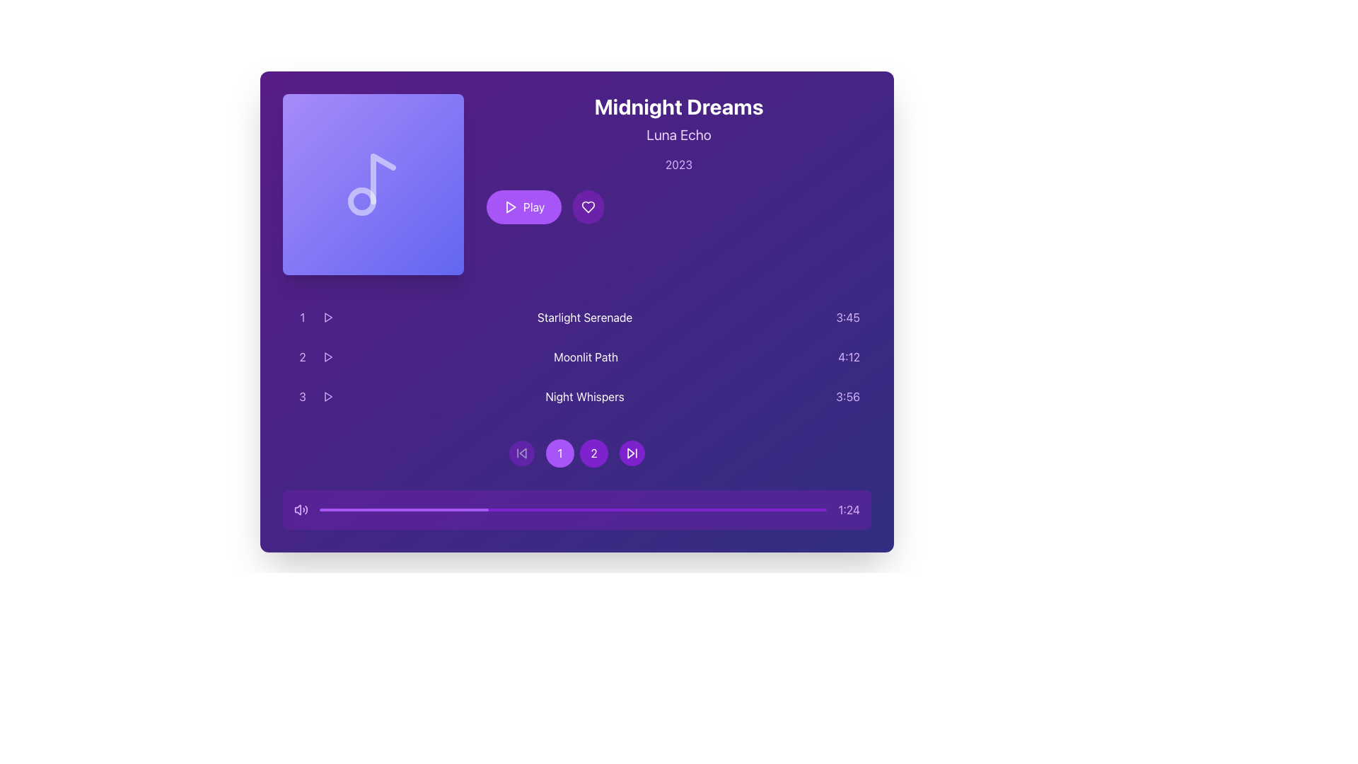 The width and height of the screenshot is (1358, 764). I want to click on the progress, so click(430, 510).